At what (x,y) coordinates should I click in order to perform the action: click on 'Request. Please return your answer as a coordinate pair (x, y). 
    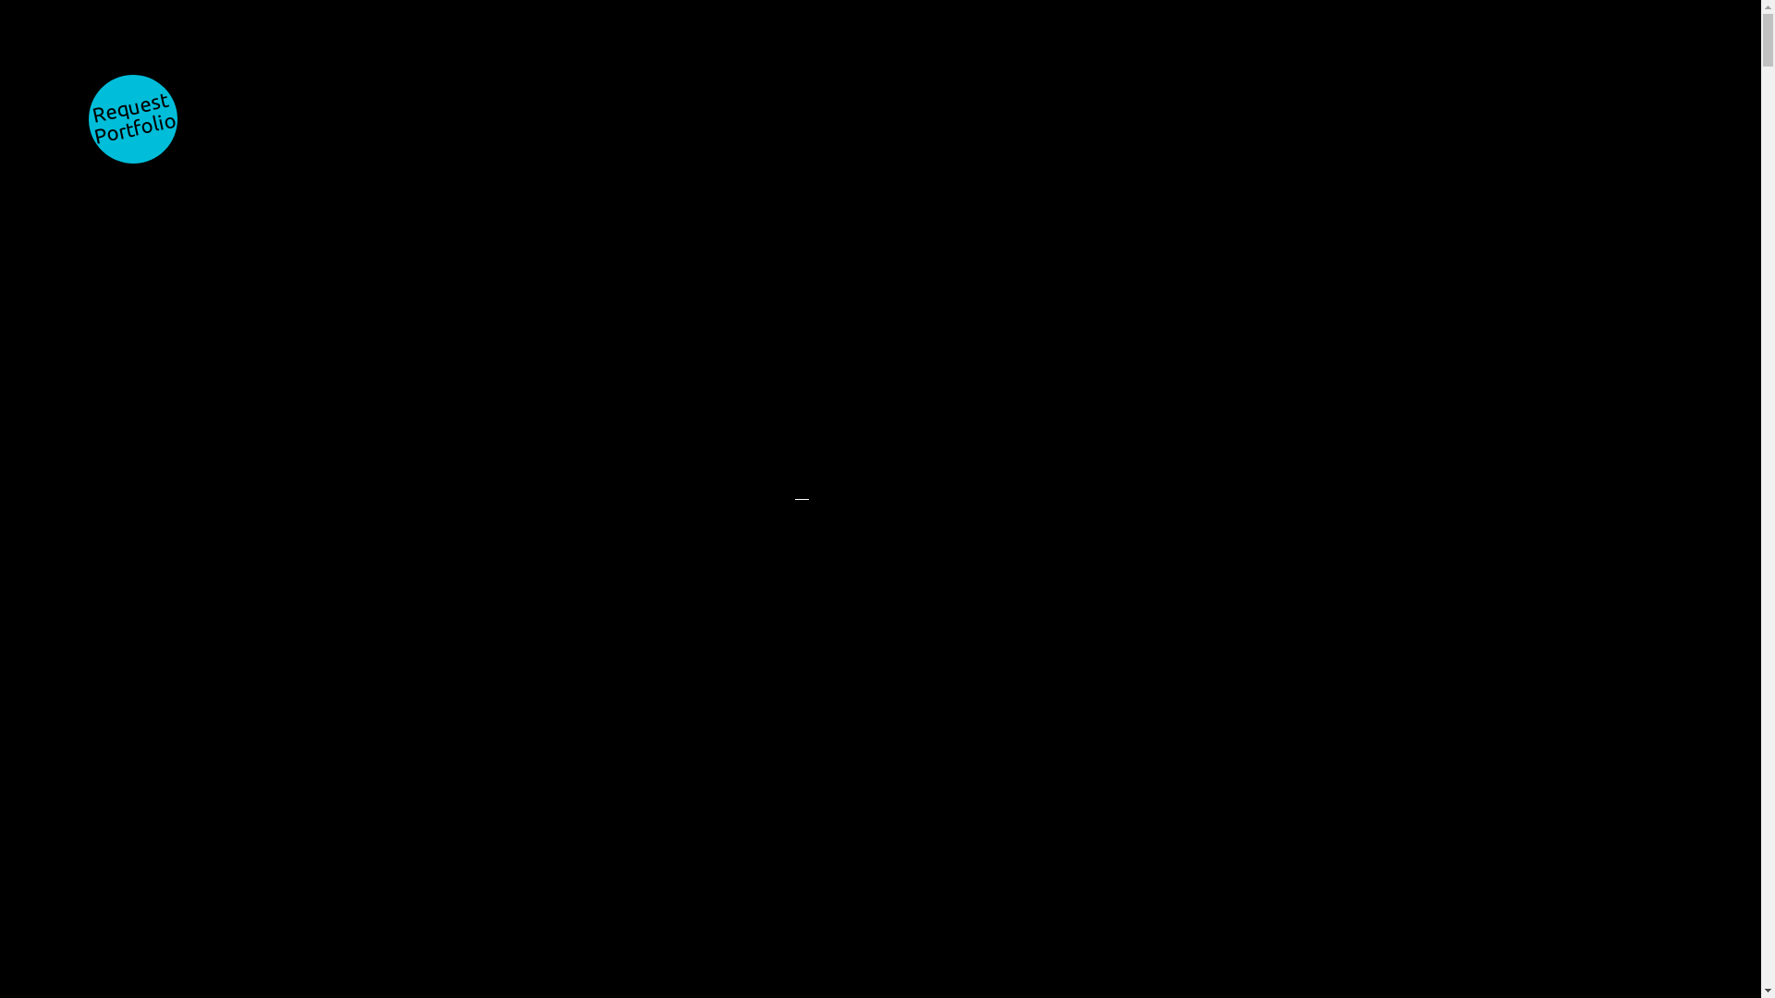
    Looking at the image, I should click on (132, 118).